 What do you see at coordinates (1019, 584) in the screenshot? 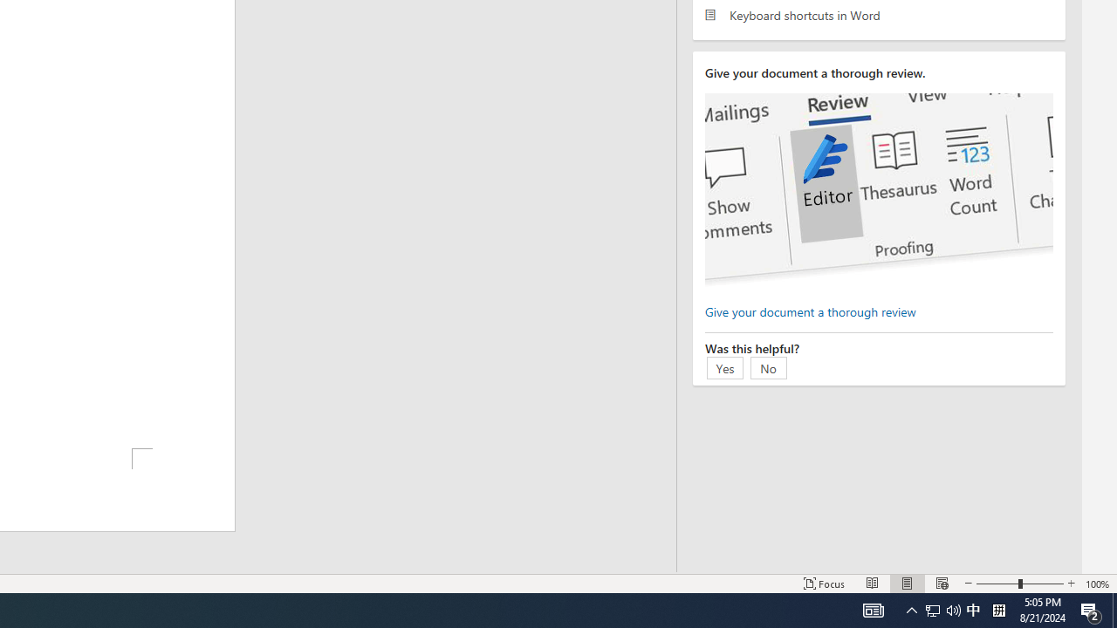
I see `'Zoom'` at bounding box center [1019, 584].